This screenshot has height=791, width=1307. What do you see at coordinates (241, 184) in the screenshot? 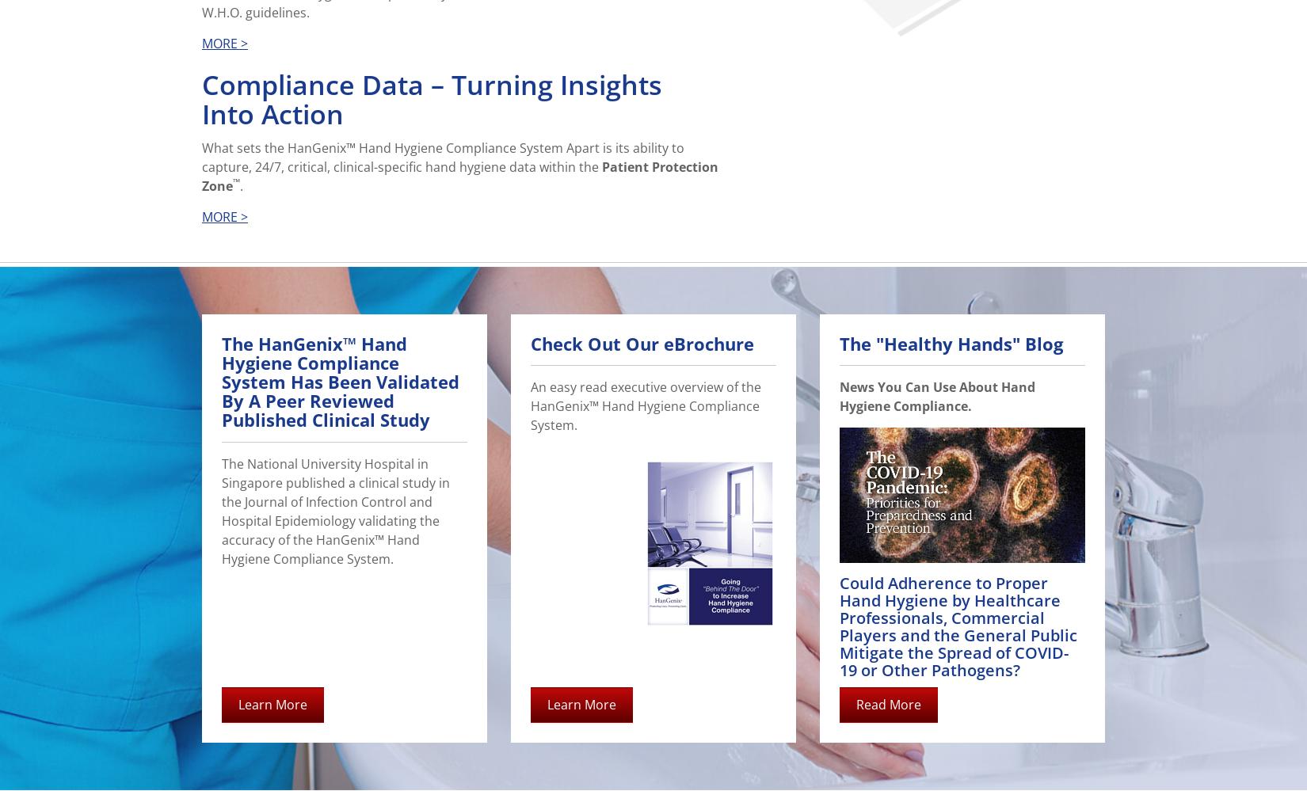
I see `'.'` at bounding box center [241, 184].